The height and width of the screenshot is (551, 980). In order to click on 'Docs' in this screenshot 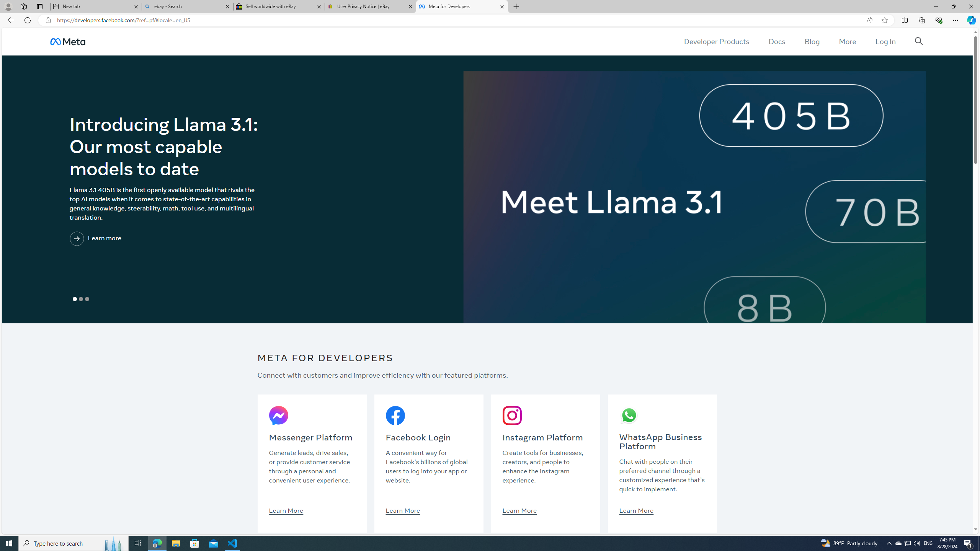, I will do `click(776, 41)`.